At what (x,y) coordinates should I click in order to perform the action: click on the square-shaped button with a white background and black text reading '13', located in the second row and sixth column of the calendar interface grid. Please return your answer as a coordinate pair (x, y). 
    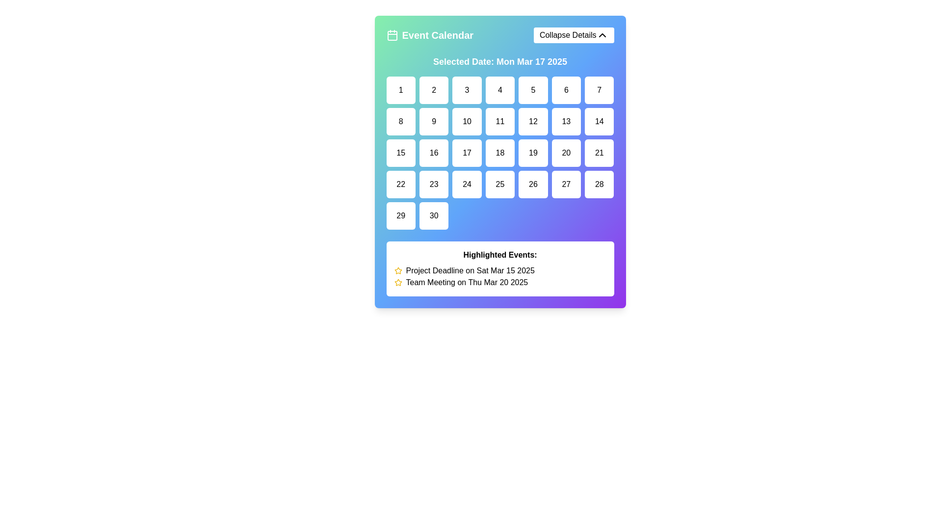
    Looking at the image, I should click on (566, 121).